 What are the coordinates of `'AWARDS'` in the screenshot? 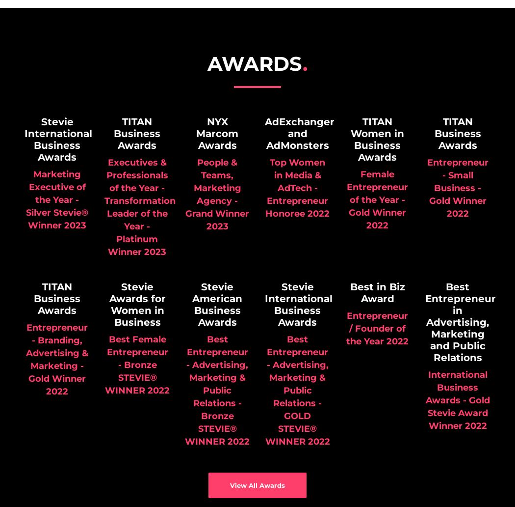 It's located at (254, 63).